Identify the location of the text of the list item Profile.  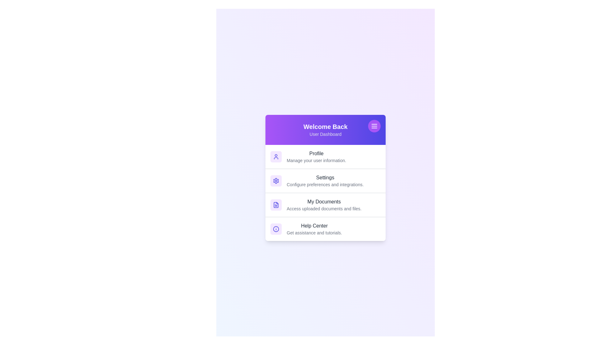
(326, 153).